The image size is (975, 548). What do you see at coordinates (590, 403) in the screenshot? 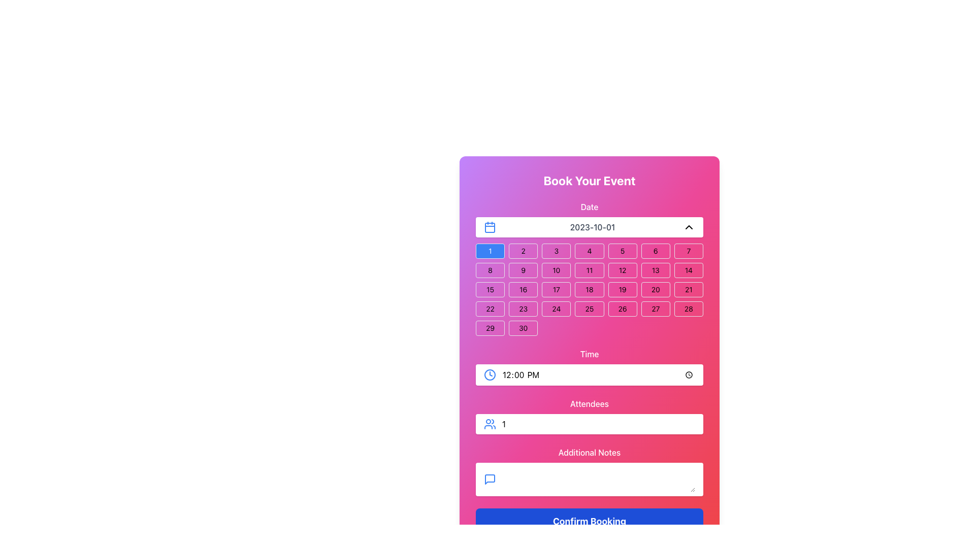
I see `the descriptive header text label for the section inputting the number of attendees, which is located above the numeric input box` at bounding box center [590, 403].